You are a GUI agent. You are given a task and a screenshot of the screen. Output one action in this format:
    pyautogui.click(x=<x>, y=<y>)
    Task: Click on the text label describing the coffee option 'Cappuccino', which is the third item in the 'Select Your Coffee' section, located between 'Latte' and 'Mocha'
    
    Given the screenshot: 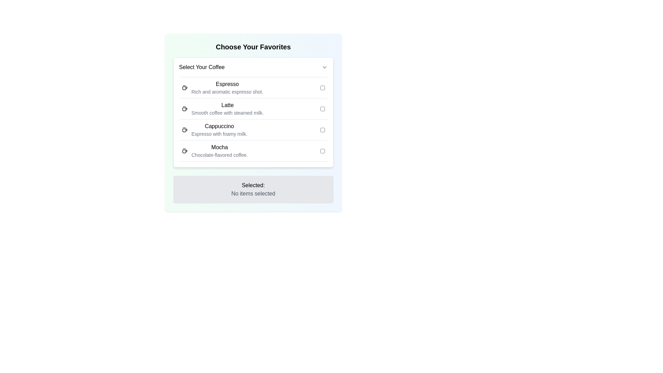 What is the action you would take?
    pyautogui.click(x=219, y=130)
    